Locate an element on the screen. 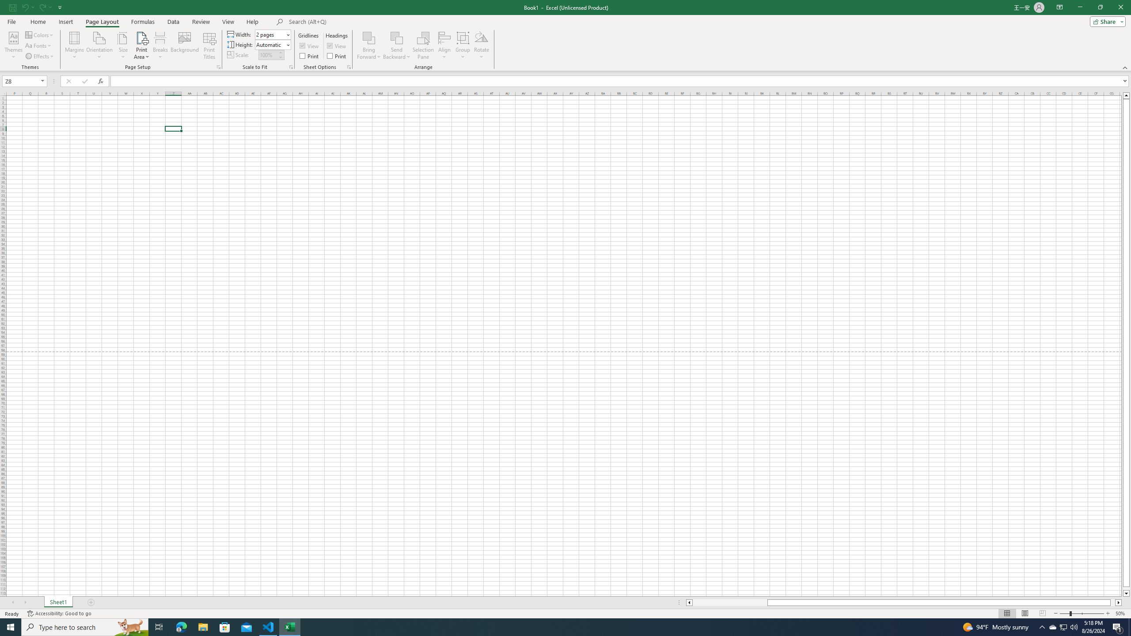 The image size is (1131, 636). 'Effects' is located at coordinates (39, 56).